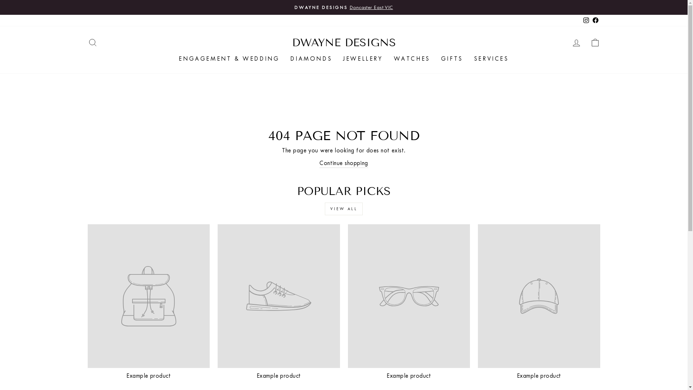  Describe the element at coordinates (0, 0) in the screenshot. I see `'Skip to content'` at that location.